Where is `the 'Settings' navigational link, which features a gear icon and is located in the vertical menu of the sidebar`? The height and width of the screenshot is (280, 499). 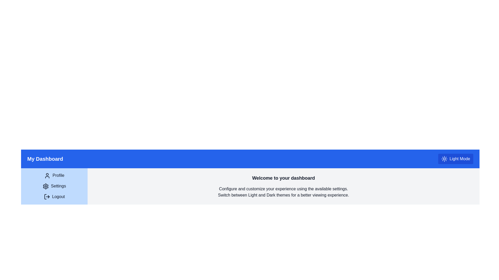 the 'Settings' navigational link, which features a gear icon and is located in the vertical menu of the sidebar is located at coordinates (54, 186).